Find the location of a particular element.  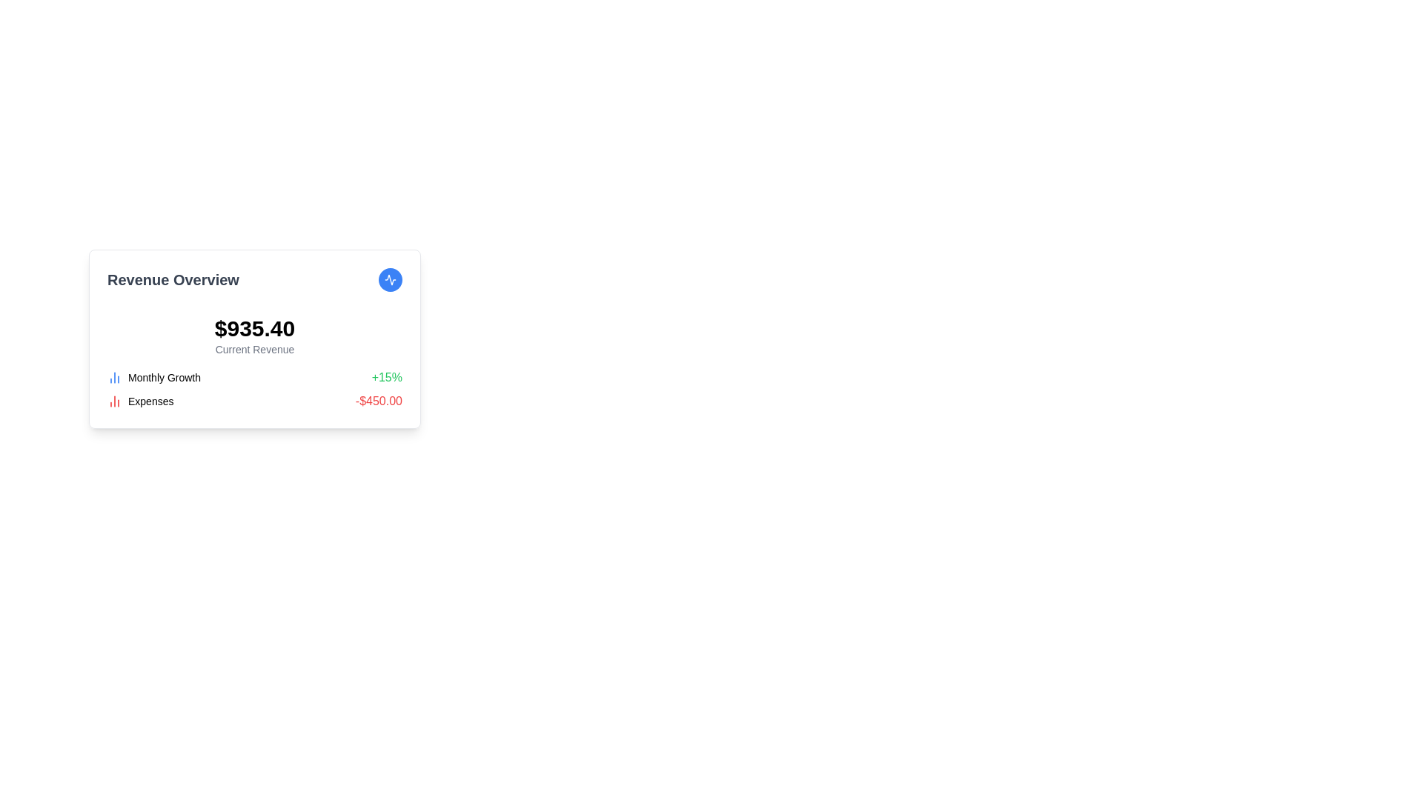

the text label displaying the growth percentage '+15%' in green, positioned at the far-right of the 'Monthly Growth' row is located at coordinates (387, 376).